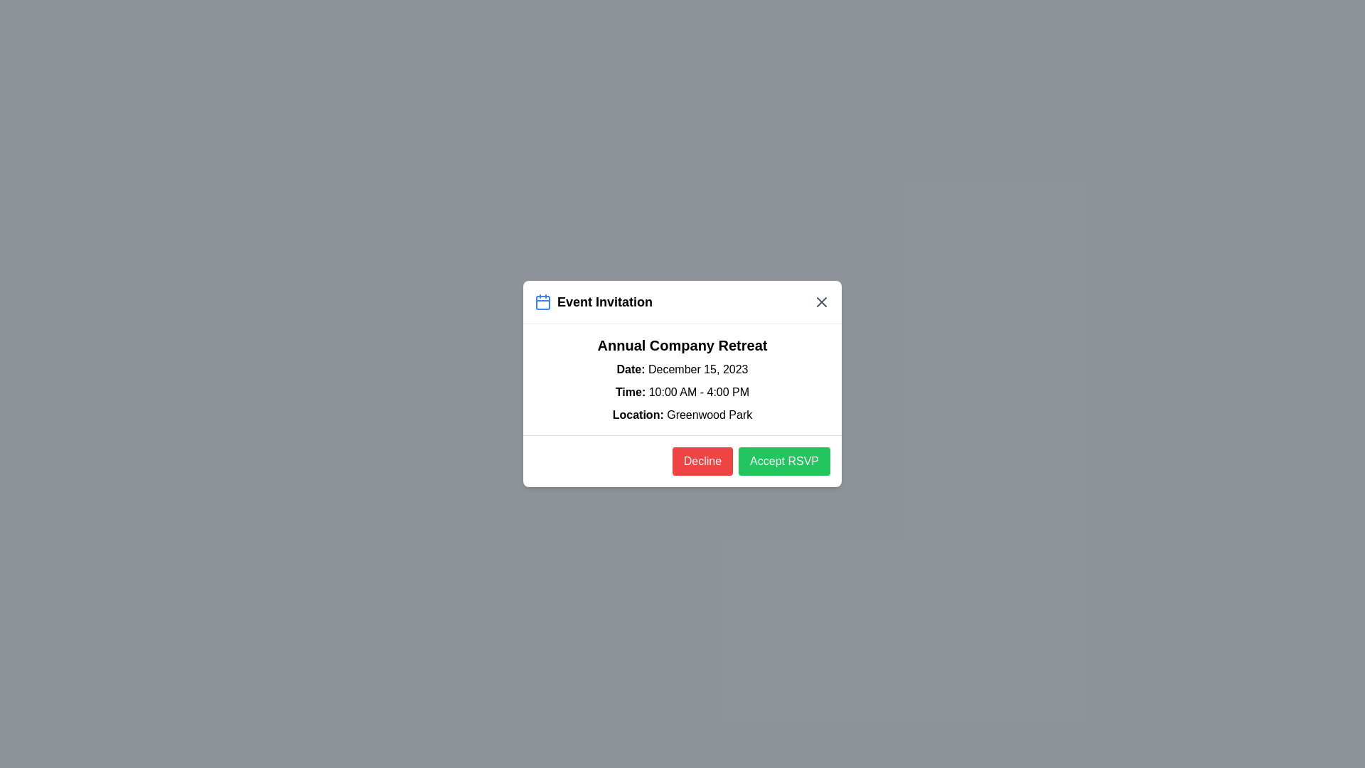 The image size is (1365, 768). What do you see at coordinates (542, 302) in the screenshot?
I see `the rounded rectangle shape within the calendar icon located to the left of the 'Event Invitation' title in the modal window` at bounding box center [542, 302].